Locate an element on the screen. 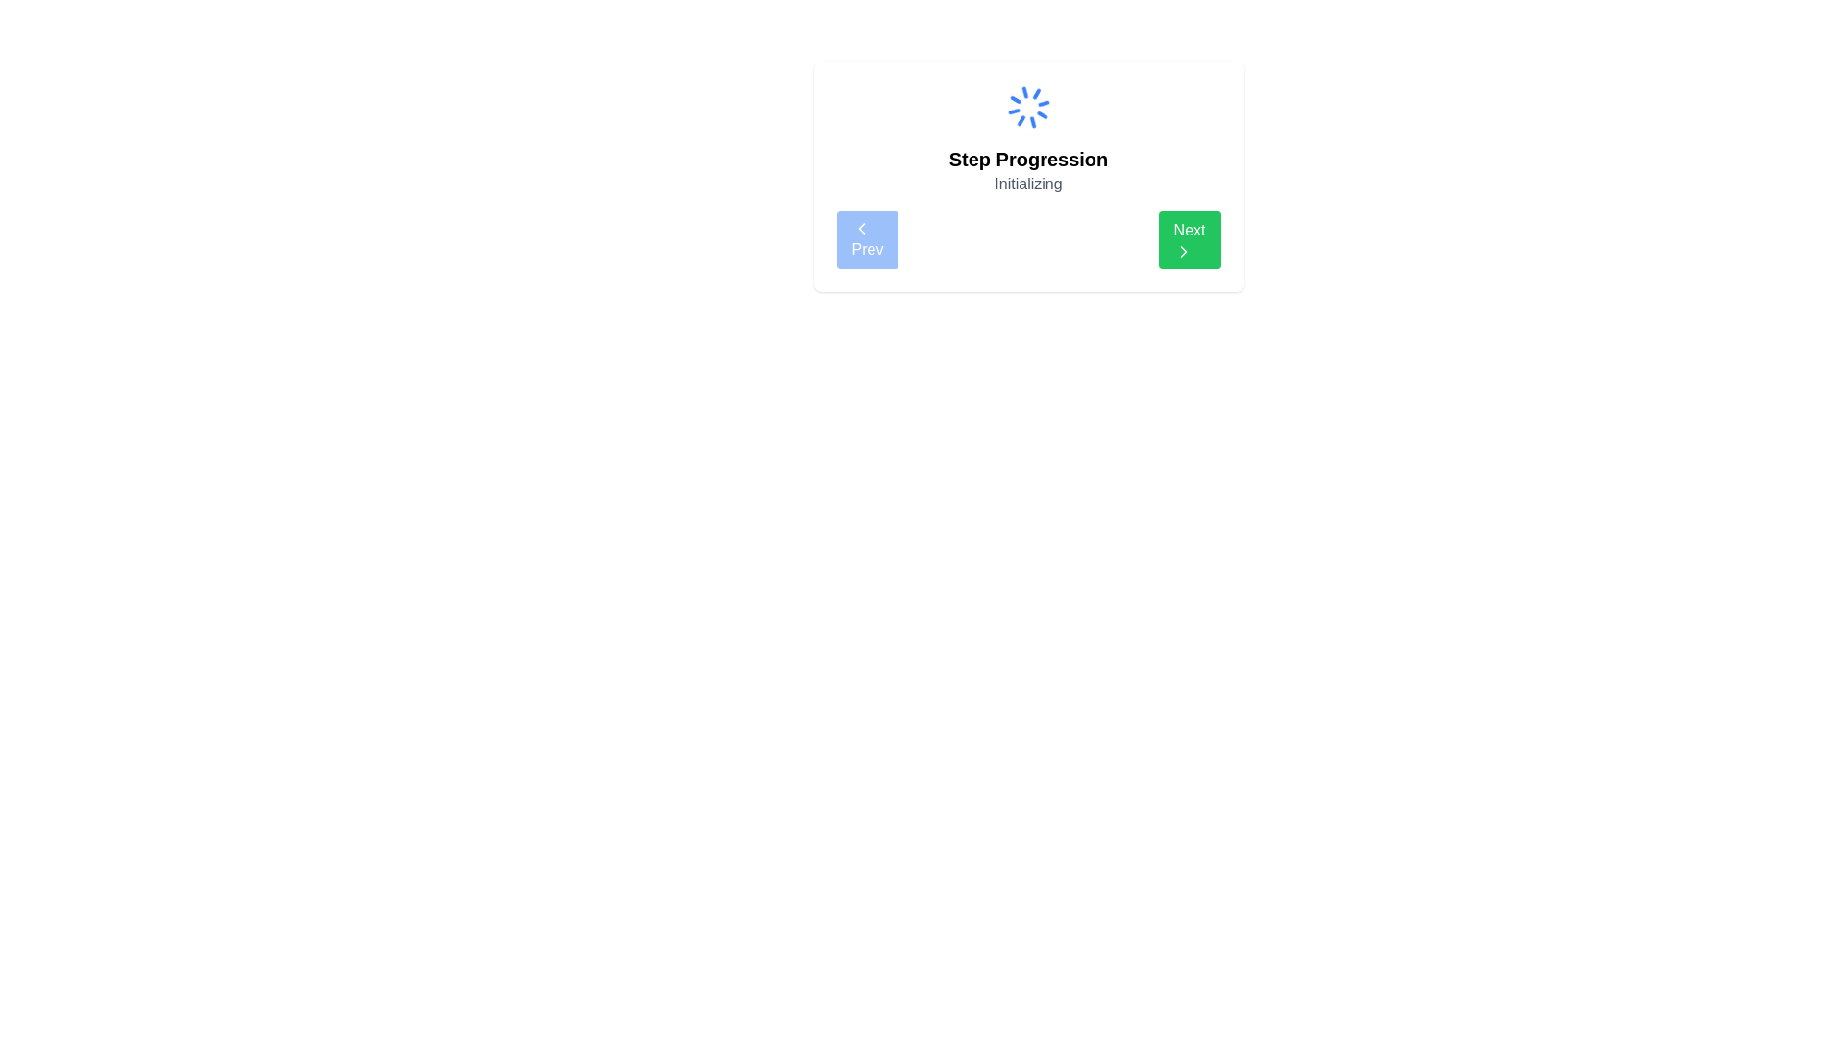  the right-pointing chevron SVG icon inside the green 'Next' button to proceed with the action is located at coordinates (1182, 251).